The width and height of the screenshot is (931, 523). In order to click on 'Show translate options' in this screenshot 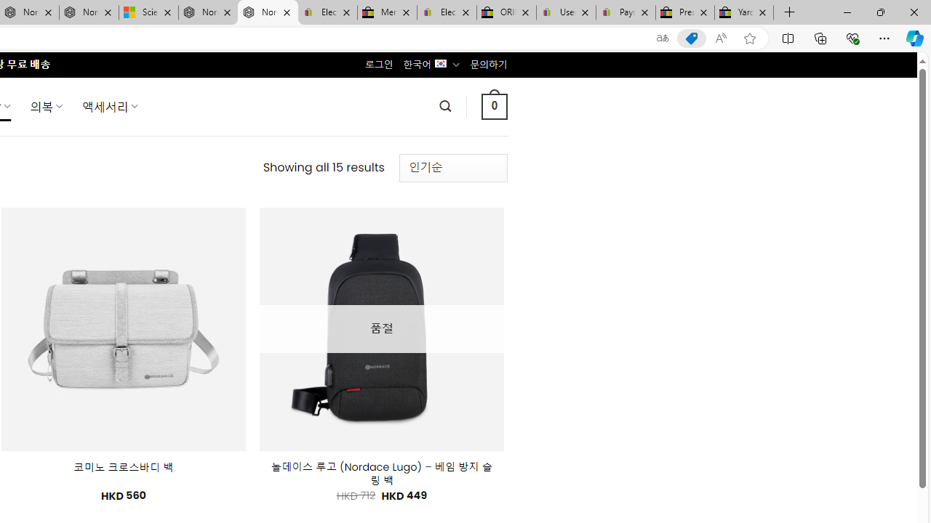, I will do `click(661, 38)`.